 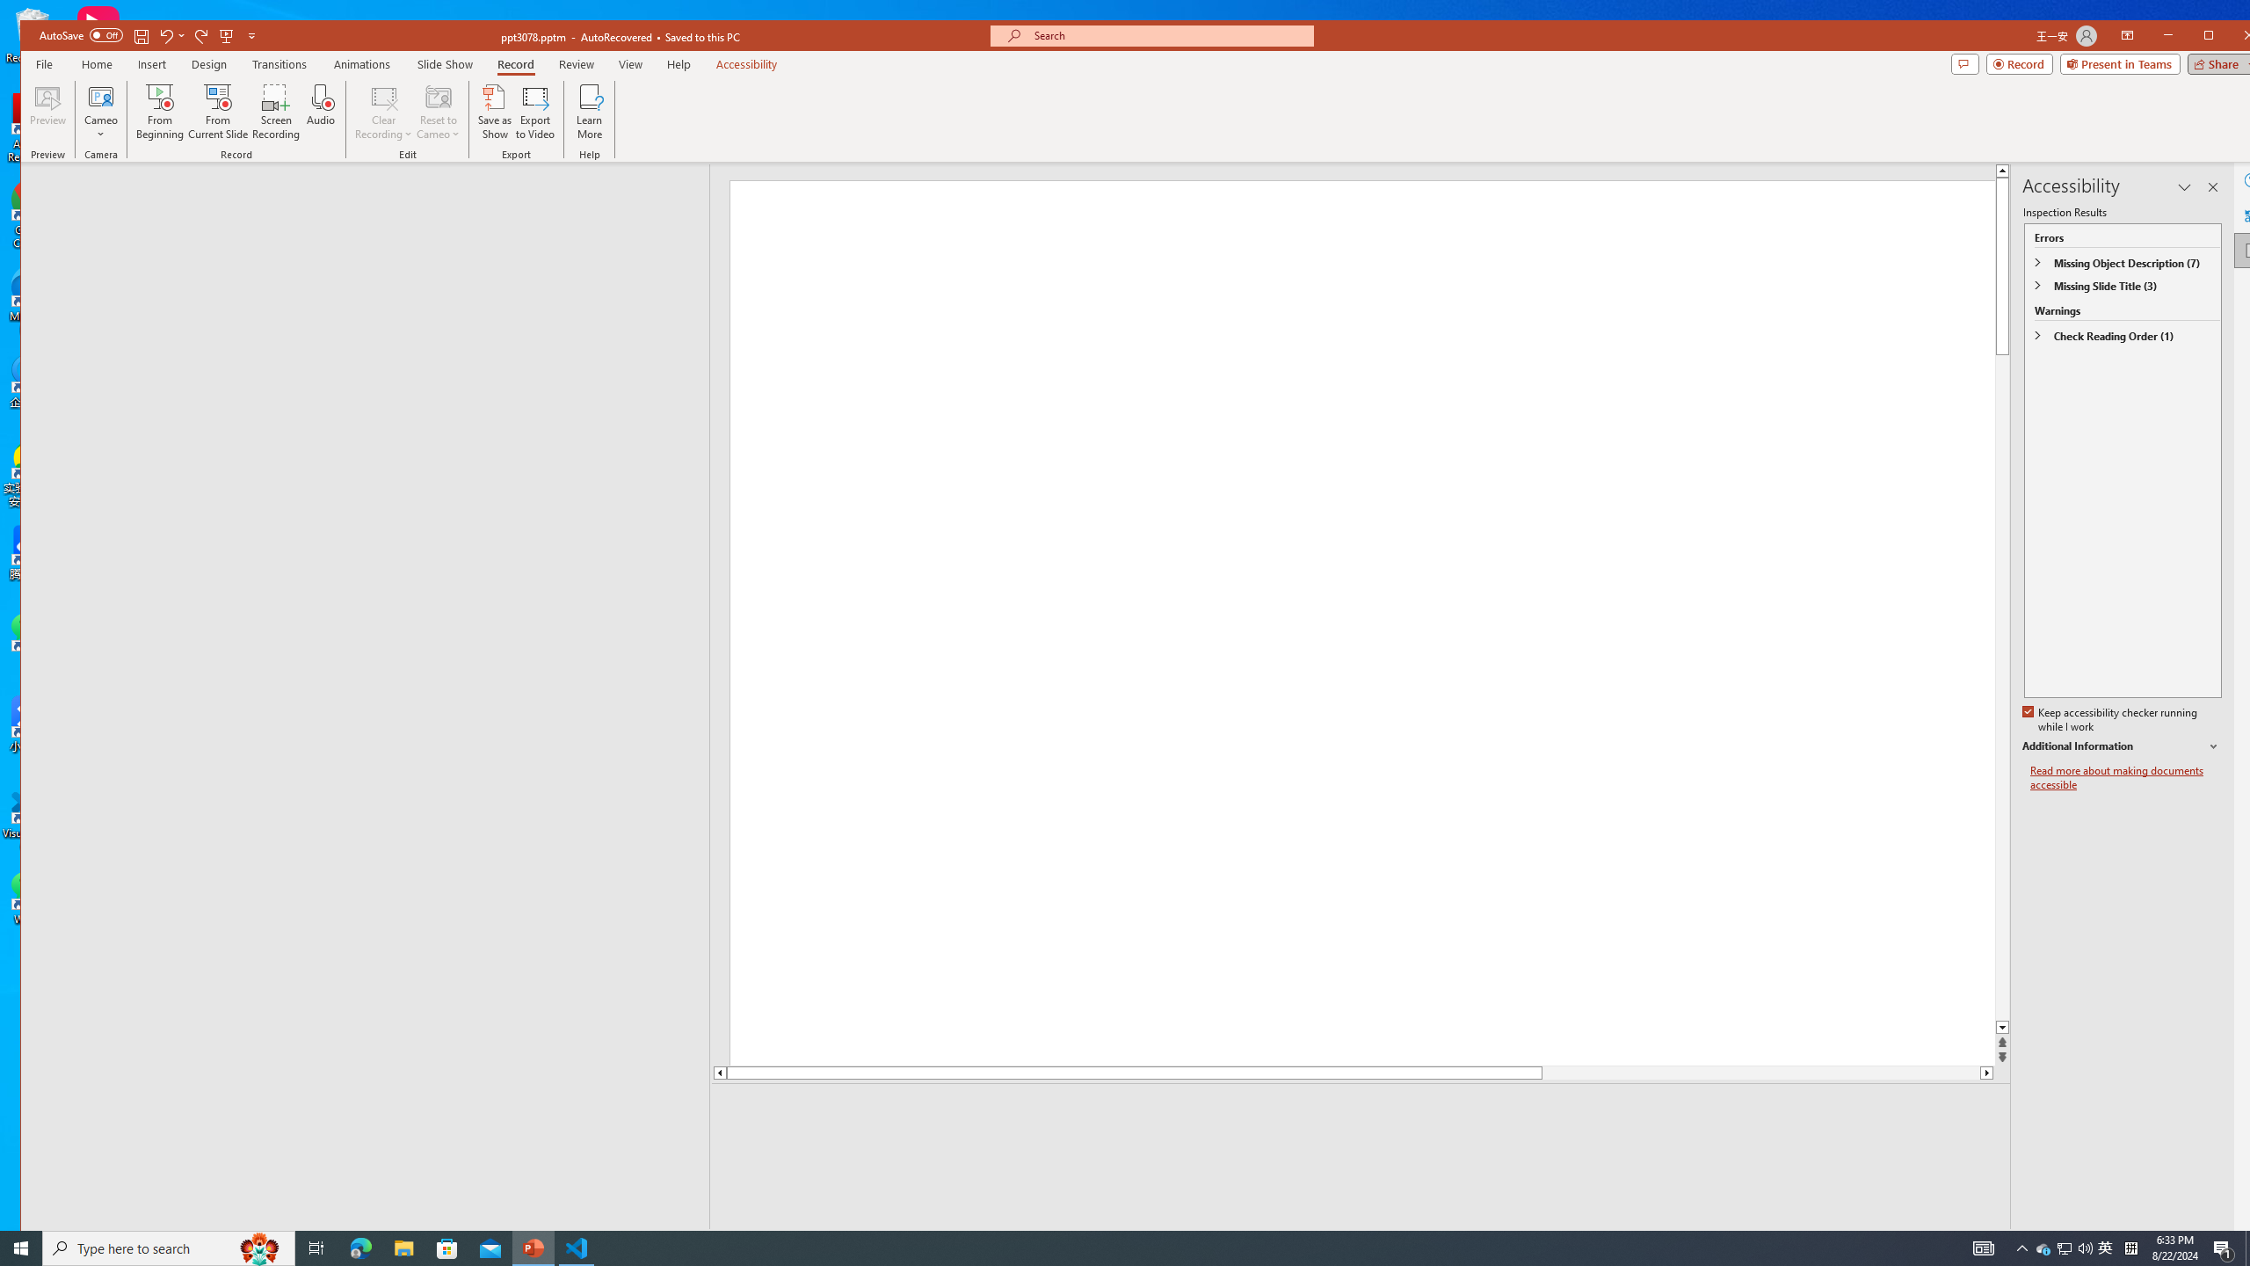 I want to click on 'Zoom 172%', so click(x=2239, y=1240).